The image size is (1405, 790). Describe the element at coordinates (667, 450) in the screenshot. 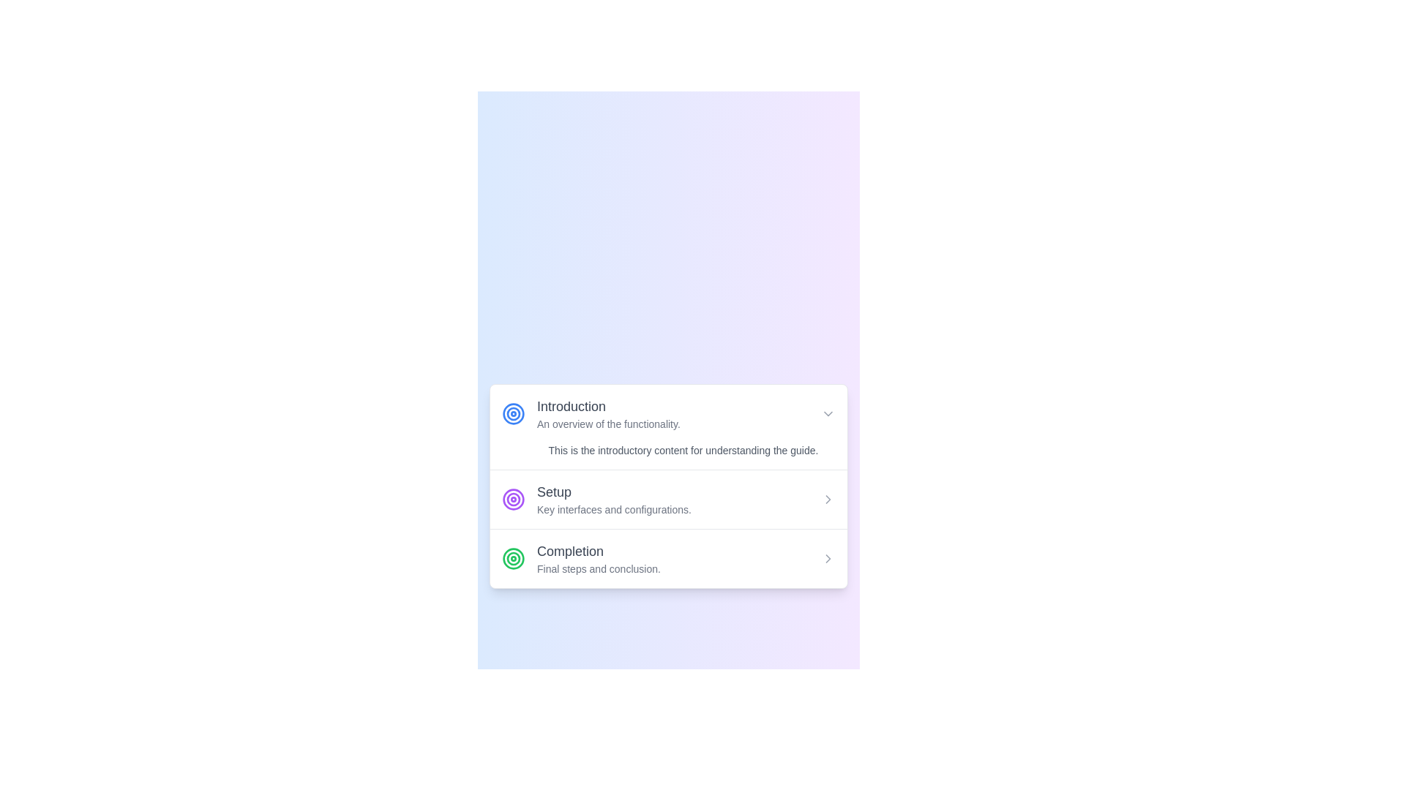

I see `the text paragraph styled in small gray fonts containing the phrase 'This is the introductory content for understanding the guide.', located beneath the 'Introduction' section header` at that location.